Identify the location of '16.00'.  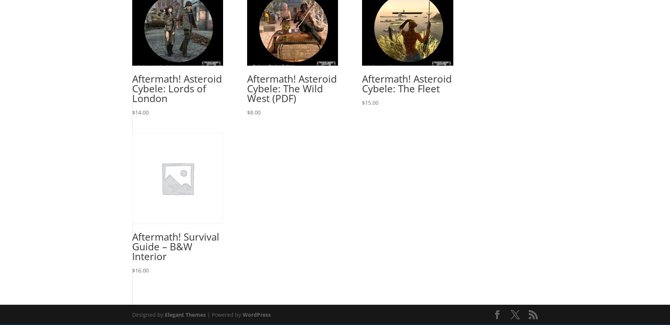
(142, 269).